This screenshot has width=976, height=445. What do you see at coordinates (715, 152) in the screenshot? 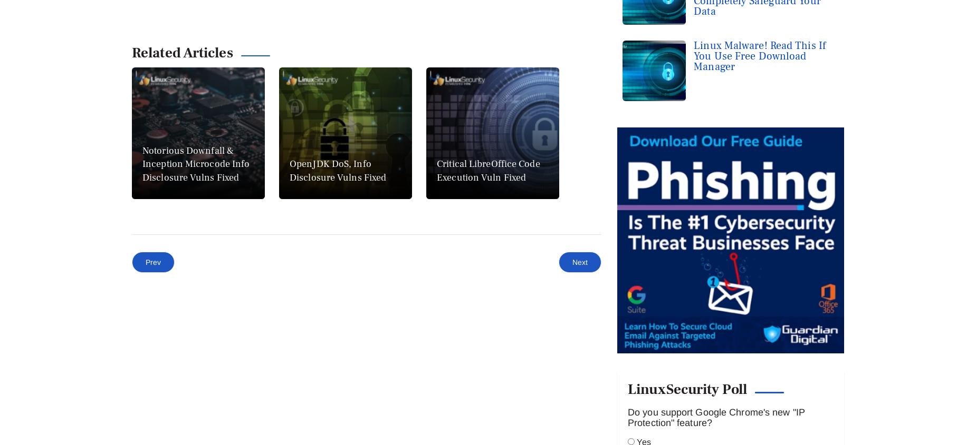
I see `'Do you support Google Chrome's new "IP Protection" feature?'` at bounding box center [715, 152].